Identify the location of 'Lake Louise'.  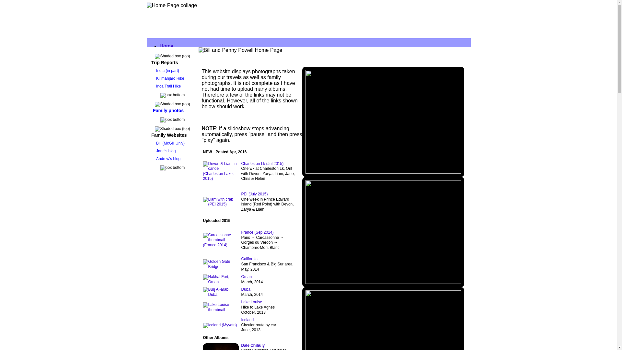
(251, 302).